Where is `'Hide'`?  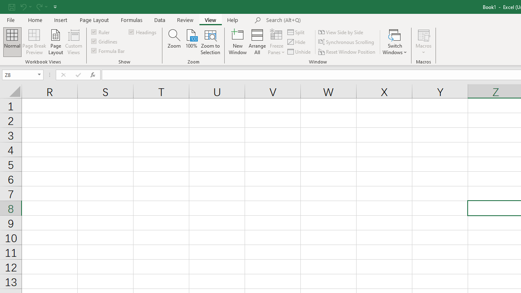 'Hide' is located at coordinates (296, 42).